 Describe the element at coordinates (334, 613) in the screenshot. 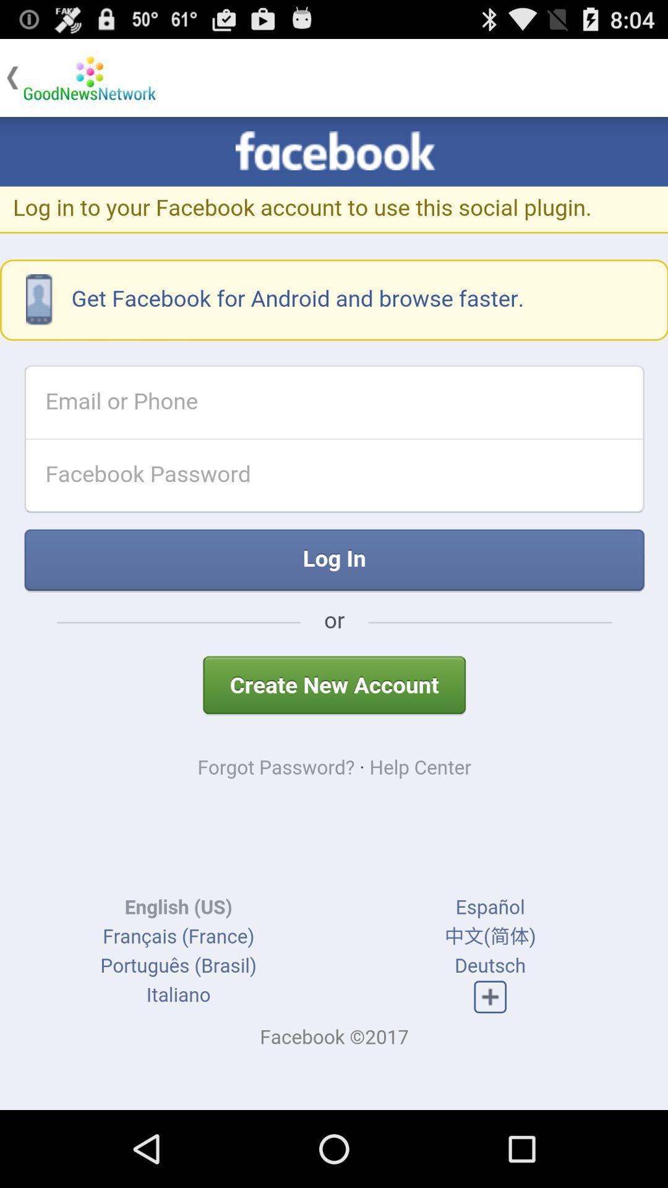

I see `facebook login page` at that location.